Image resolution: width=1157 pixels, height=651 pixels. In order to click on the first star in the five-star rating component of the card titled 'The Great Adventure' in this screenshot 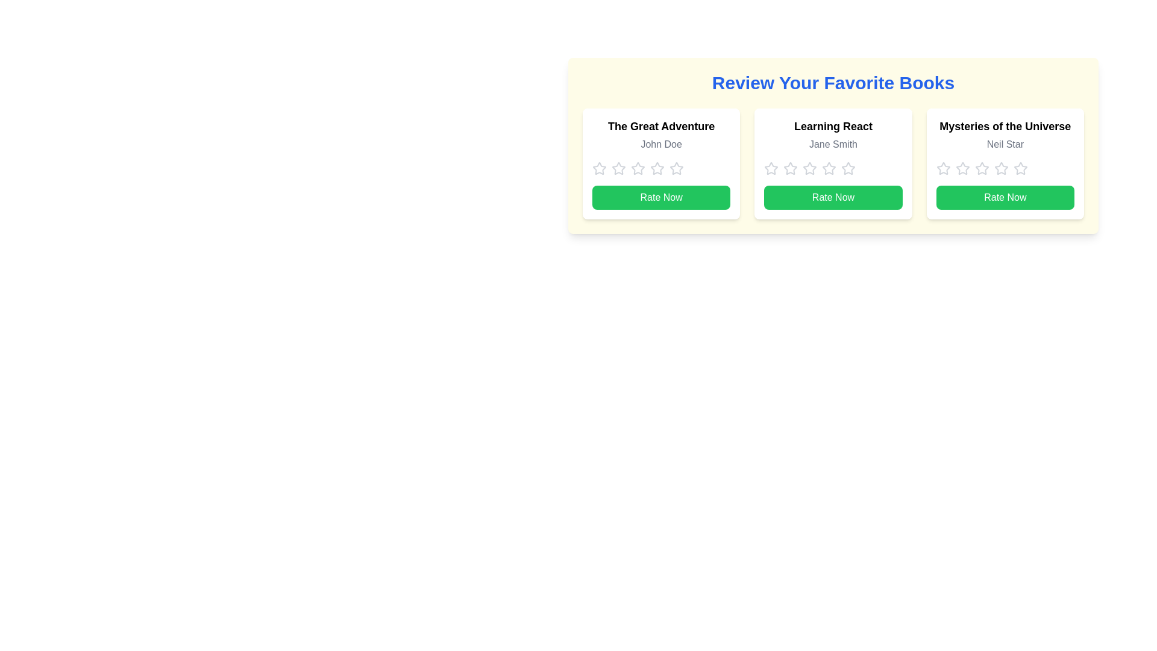, I will do `click(599, 168)`.